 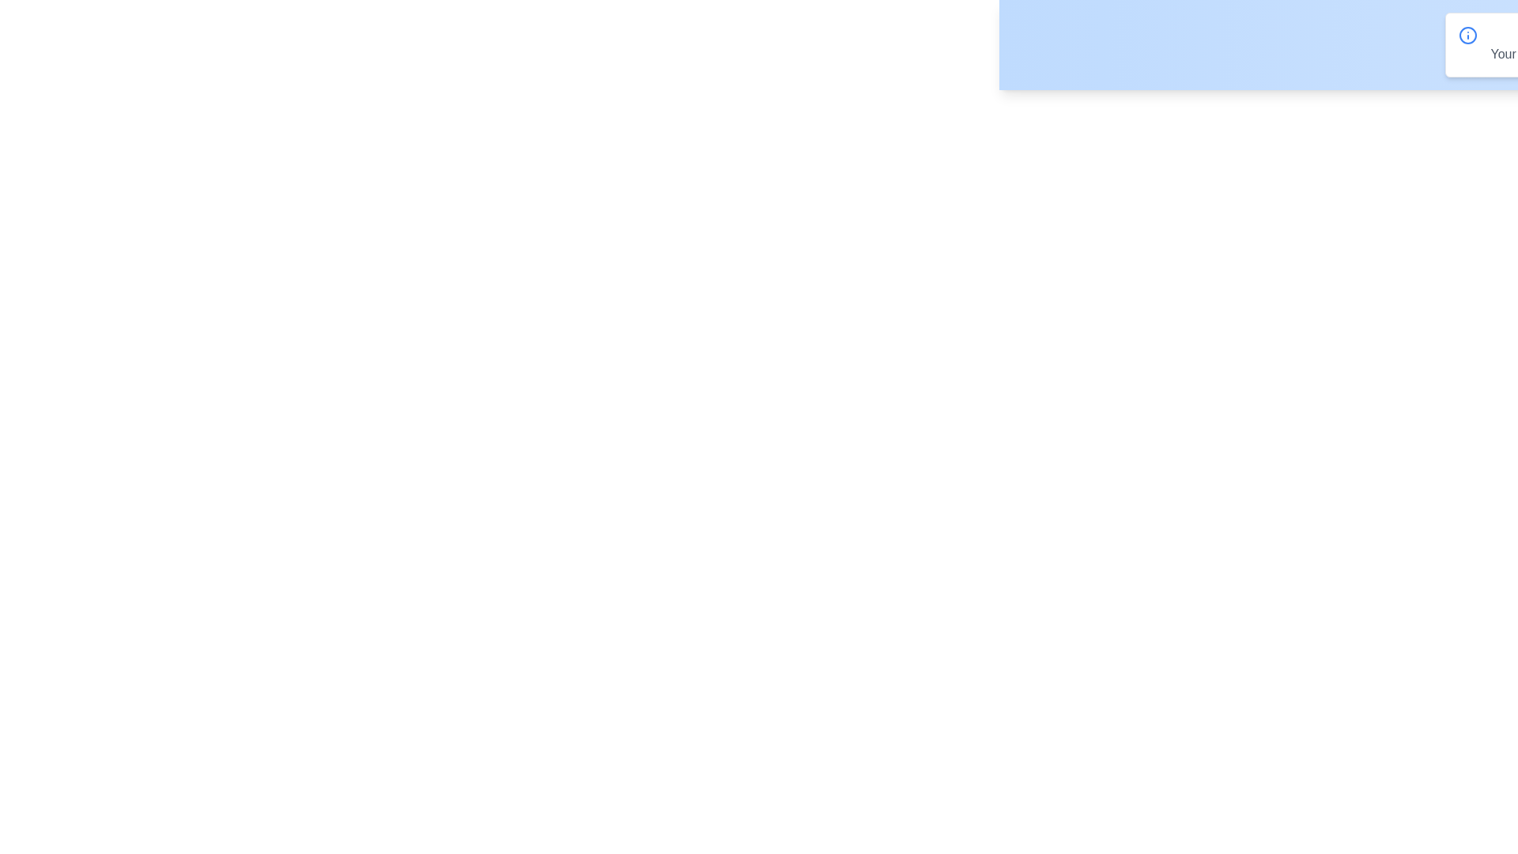 What do you see at coordinates (1467, 36) in the screenshot?
I see `the info icon to view additional details` at bounding box center [1467, 36].